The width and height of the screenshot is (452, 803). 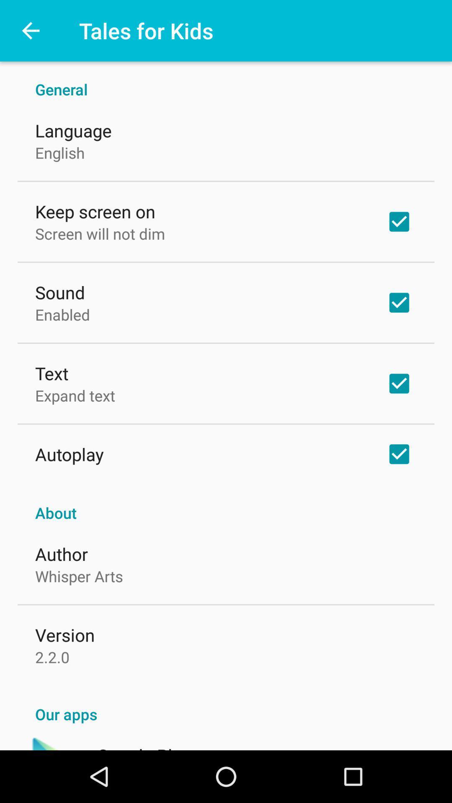 I want to click on the language icon, so click(x=73, y=130).